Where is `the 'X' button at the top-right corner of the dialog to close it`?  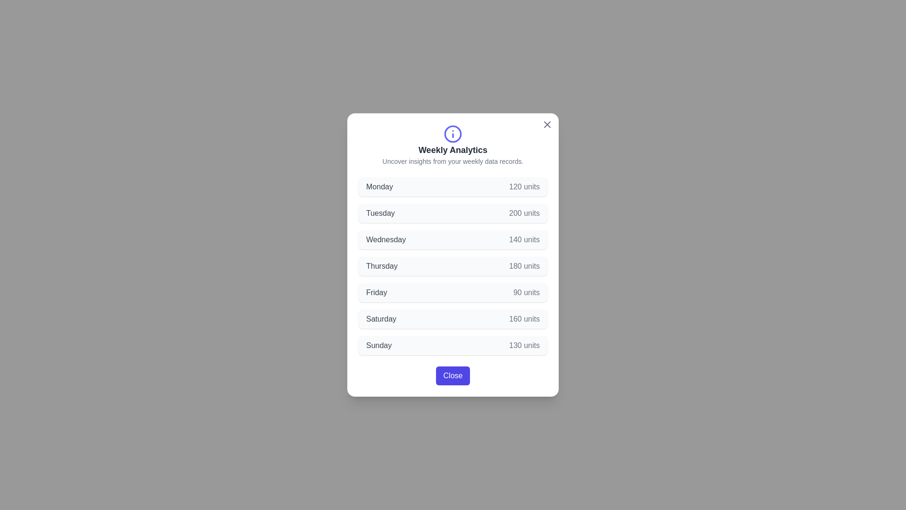
the 'X' button at the top-right corner of the dialog to close it is located at coordinates (547, 124).